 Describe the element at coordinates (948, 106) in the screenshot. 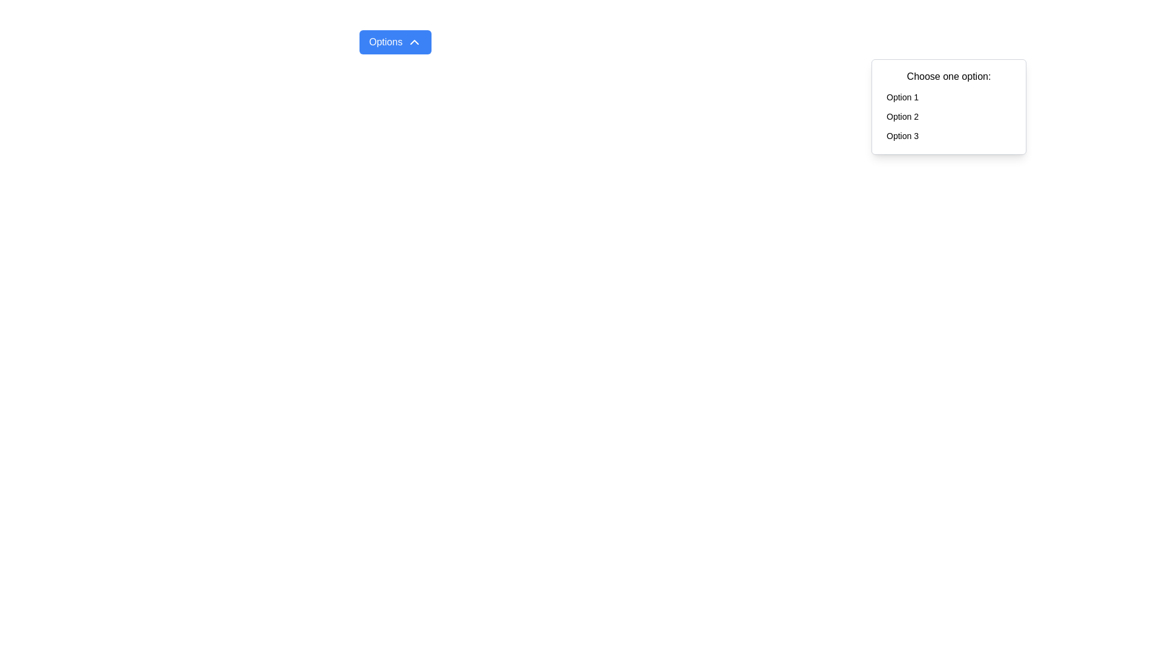

I see `the Dropdown menu displaying 'Choose one option:' with selectable options 'Option 1', 'Option 2', and 'Option 3'` at that location.